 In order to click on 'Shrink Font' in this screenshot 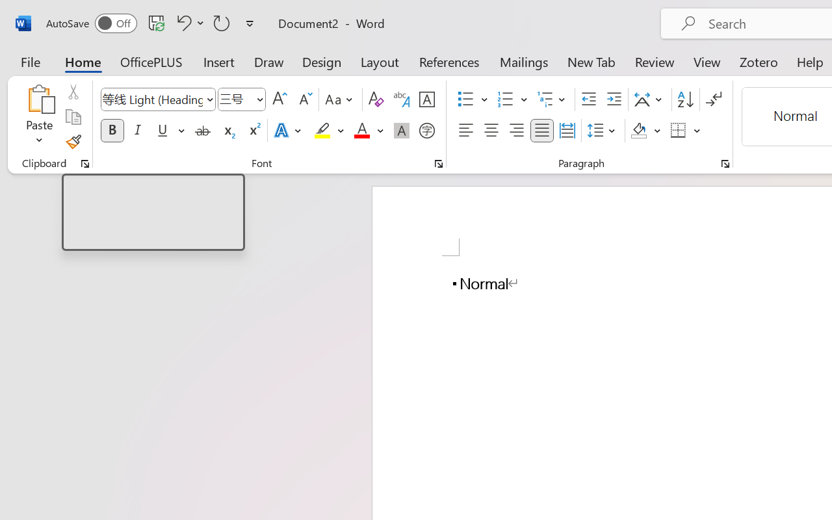, I will do `click(304, 99)`.